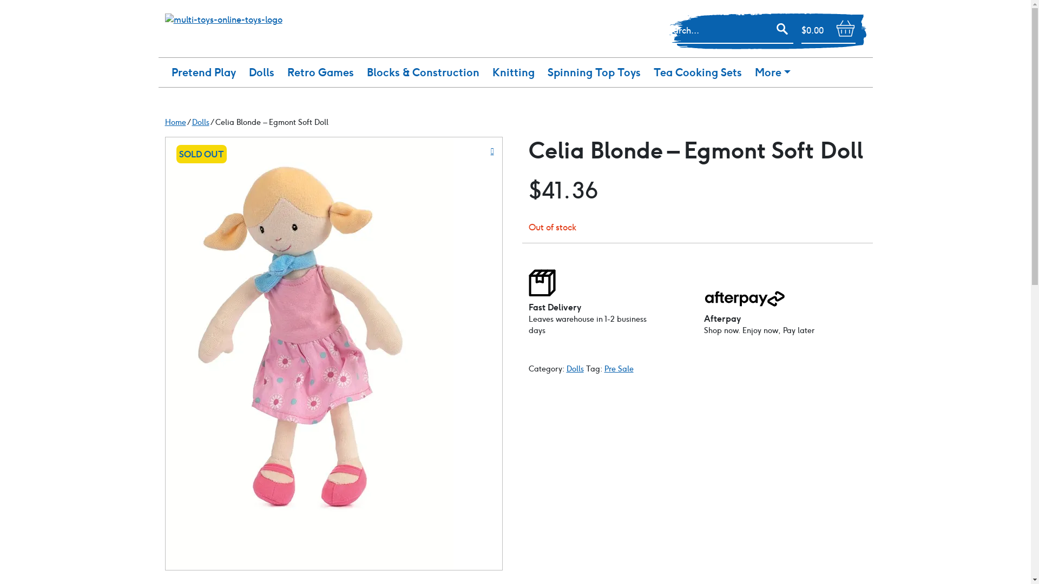 The height and width of the screenshot is (584, 1039). What do you see at coordinates (827, 30) in the screenshot?
I see `'$0.00'` at bounding box center [827, 30].